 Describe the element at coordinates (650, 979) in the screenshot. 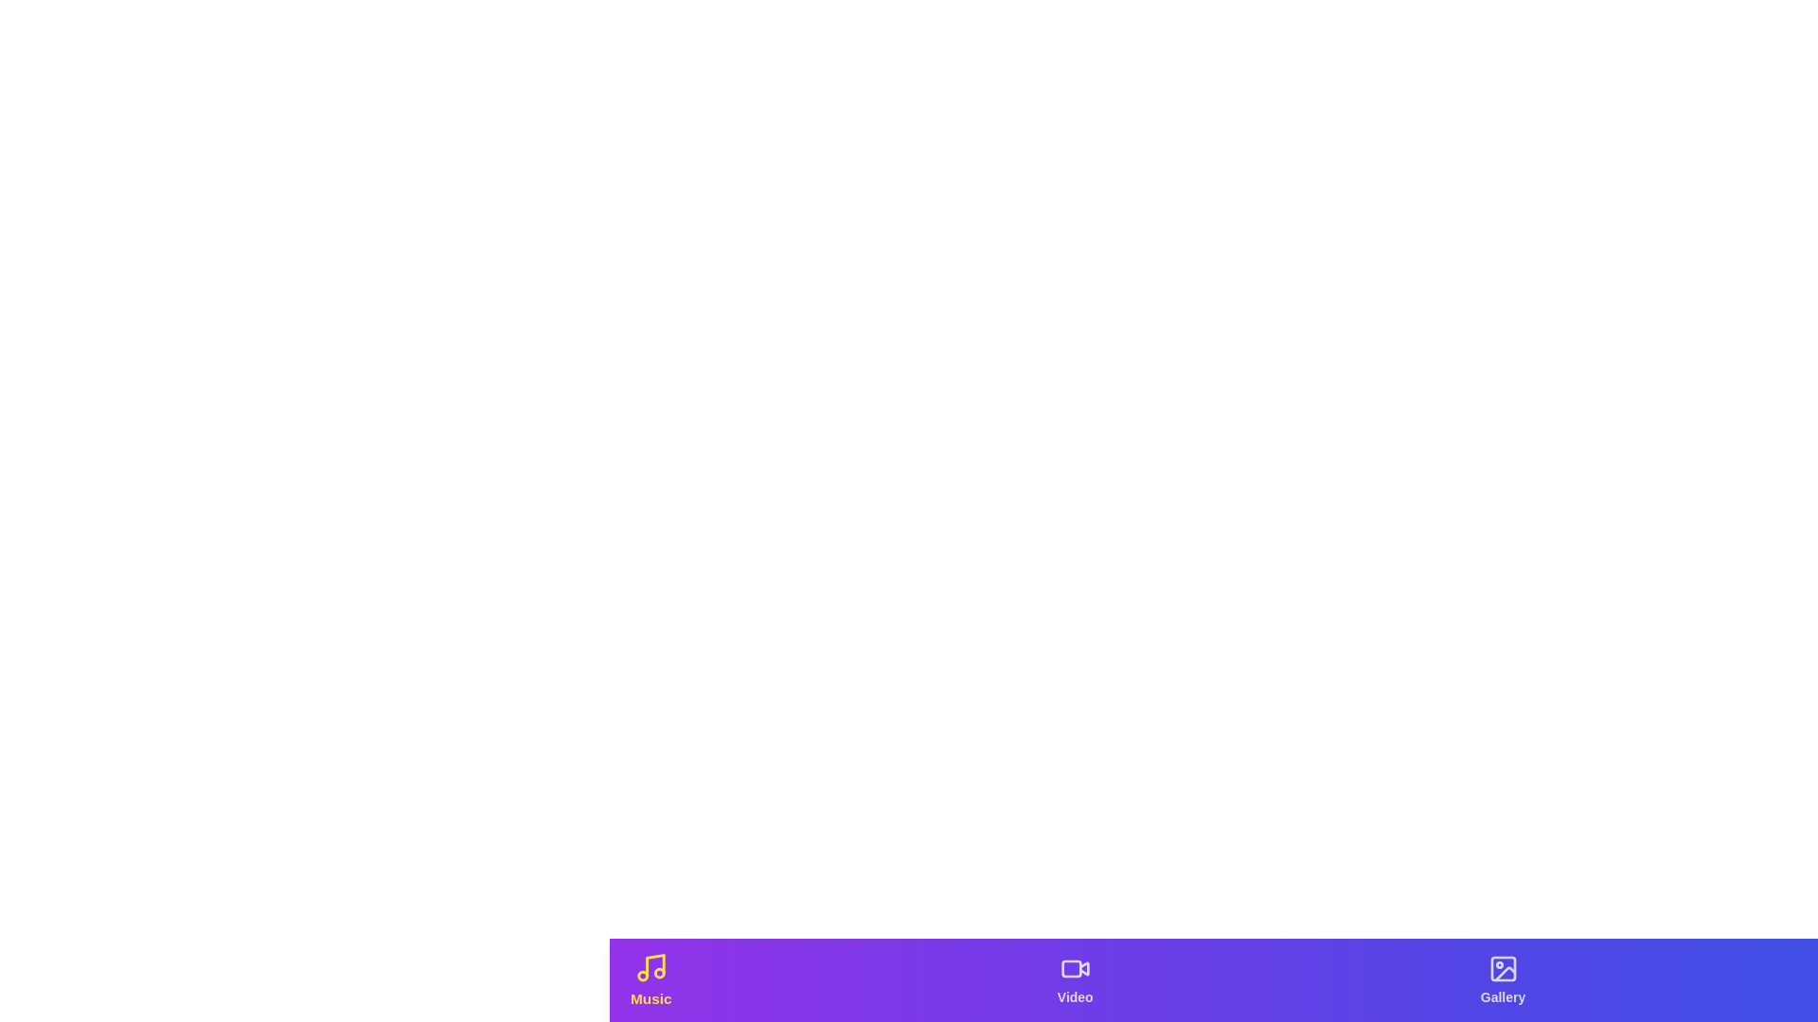

I see `the center of the active tab (highlighted in yellow)` at that location.